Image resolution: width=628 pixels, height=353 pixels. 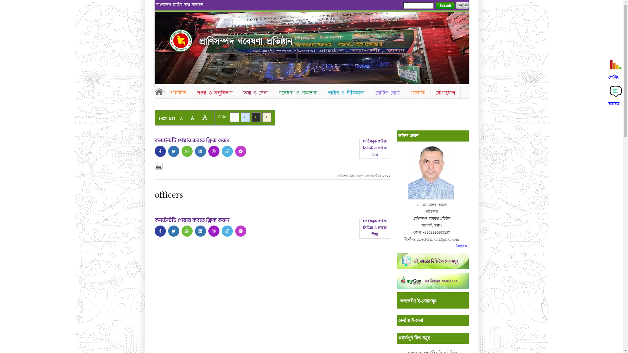 I want to click on 'Home', so click(x=159, y=92).